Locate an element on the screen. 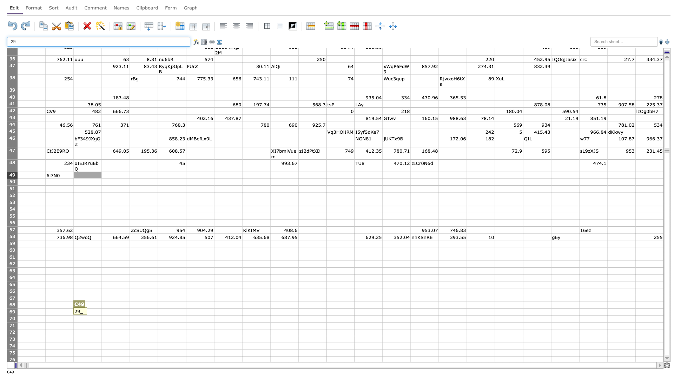  Series fill point of cell I69 is located at coordinates (270, 315).